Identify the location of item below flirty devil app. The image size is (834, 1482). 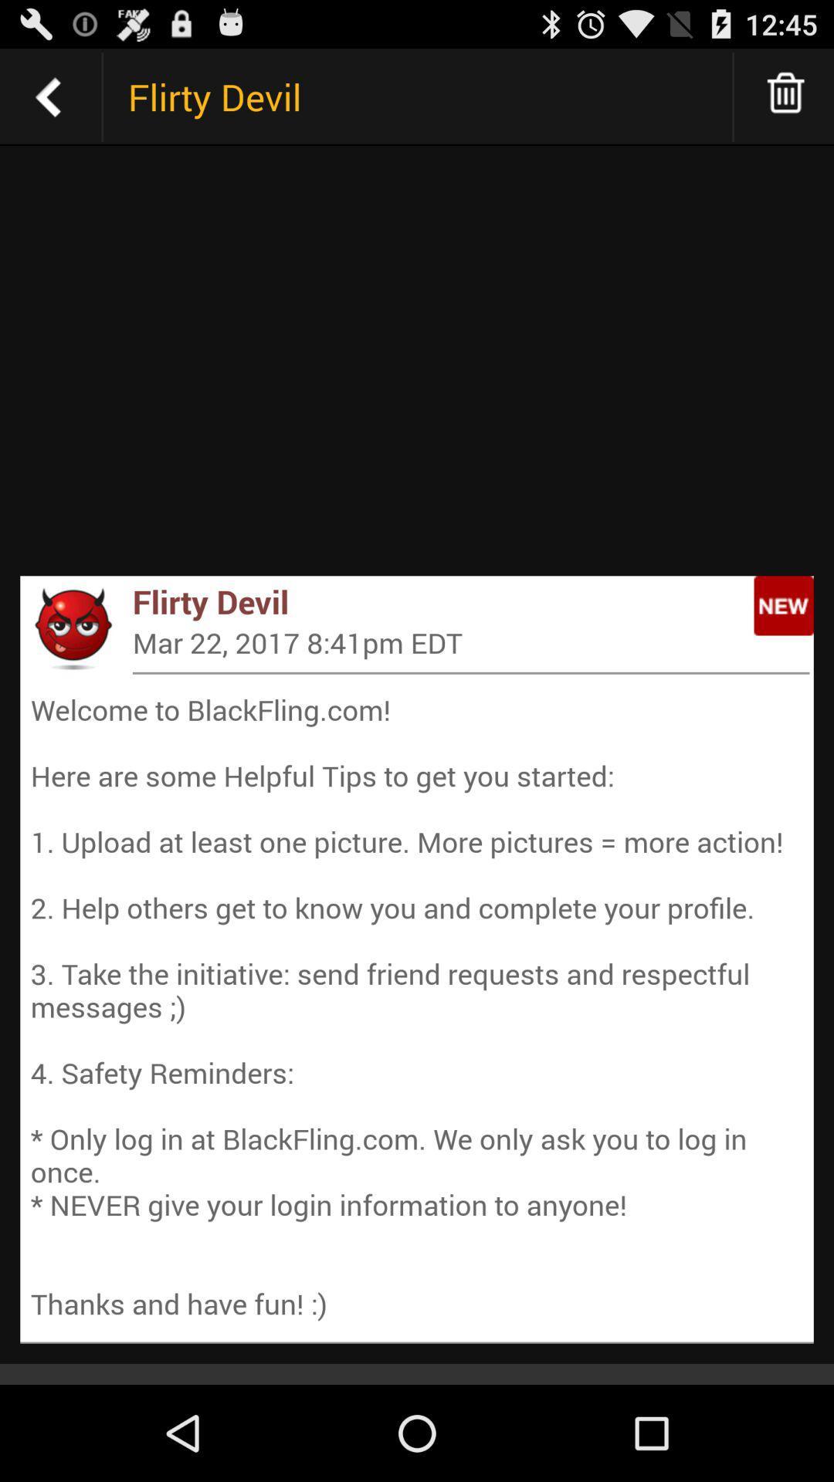
(470, 642).